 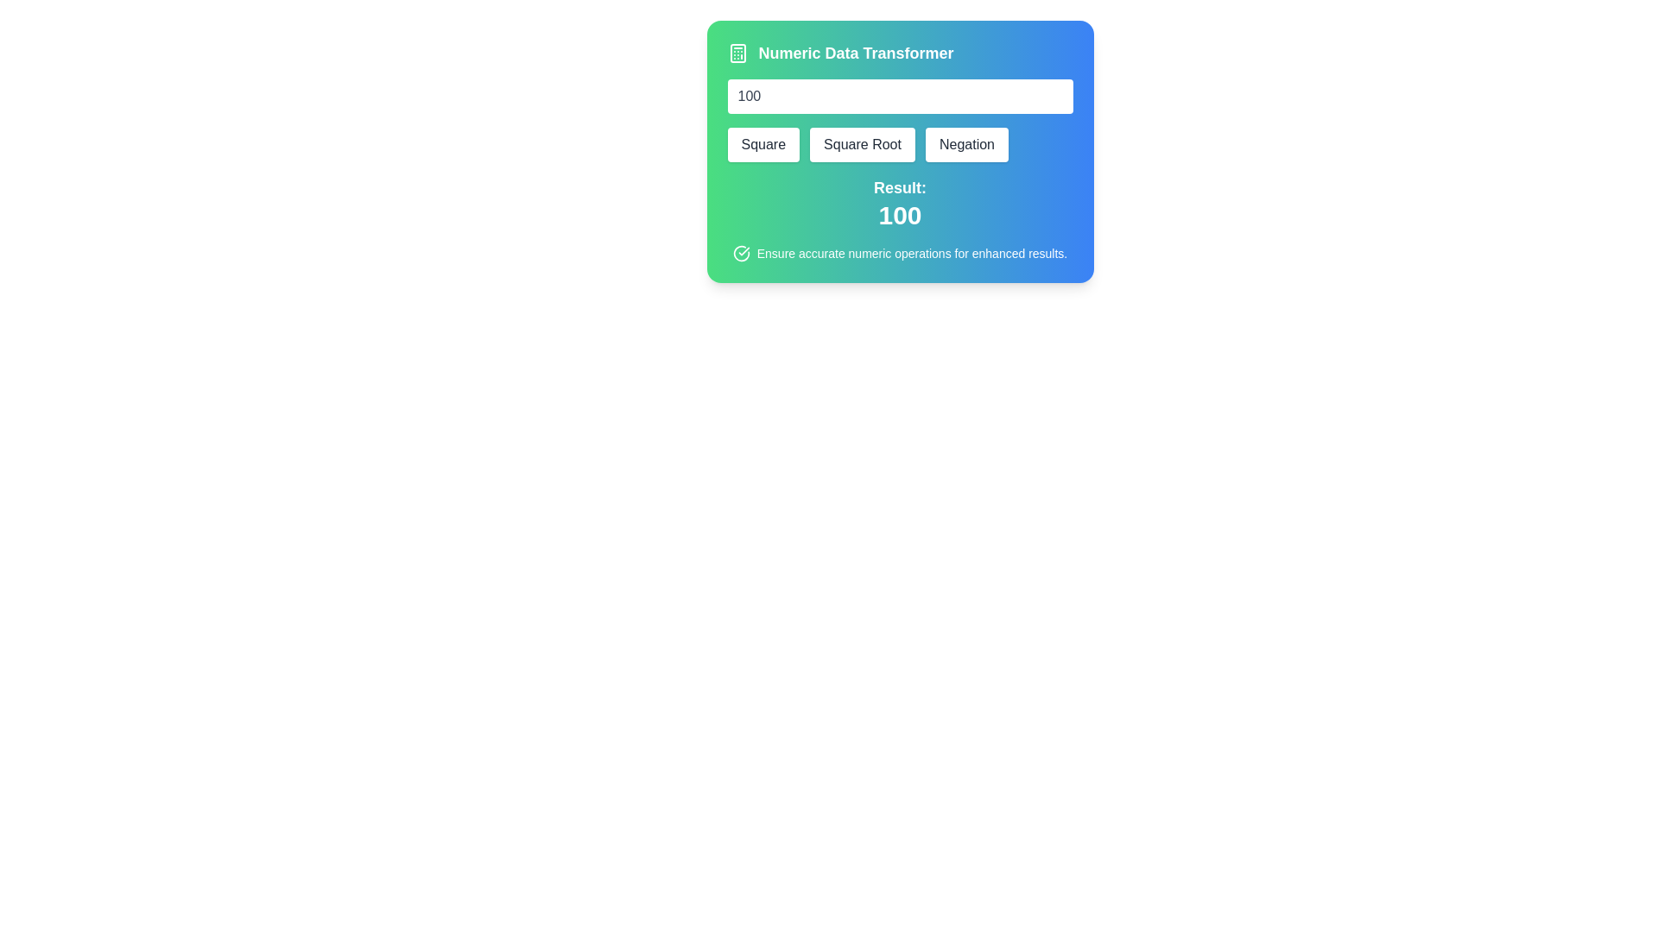 I want to click on the primary rectangular body of the calculator icon, which serves a decorative function within the numeric data transformer panel, so click(x=737, y=52).